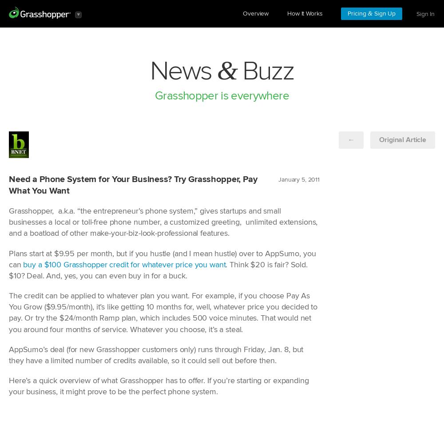  What do you see at coordinates (265, 71) in the screenshot?
I see `'Buzz'` at bounding box center [265, 71].